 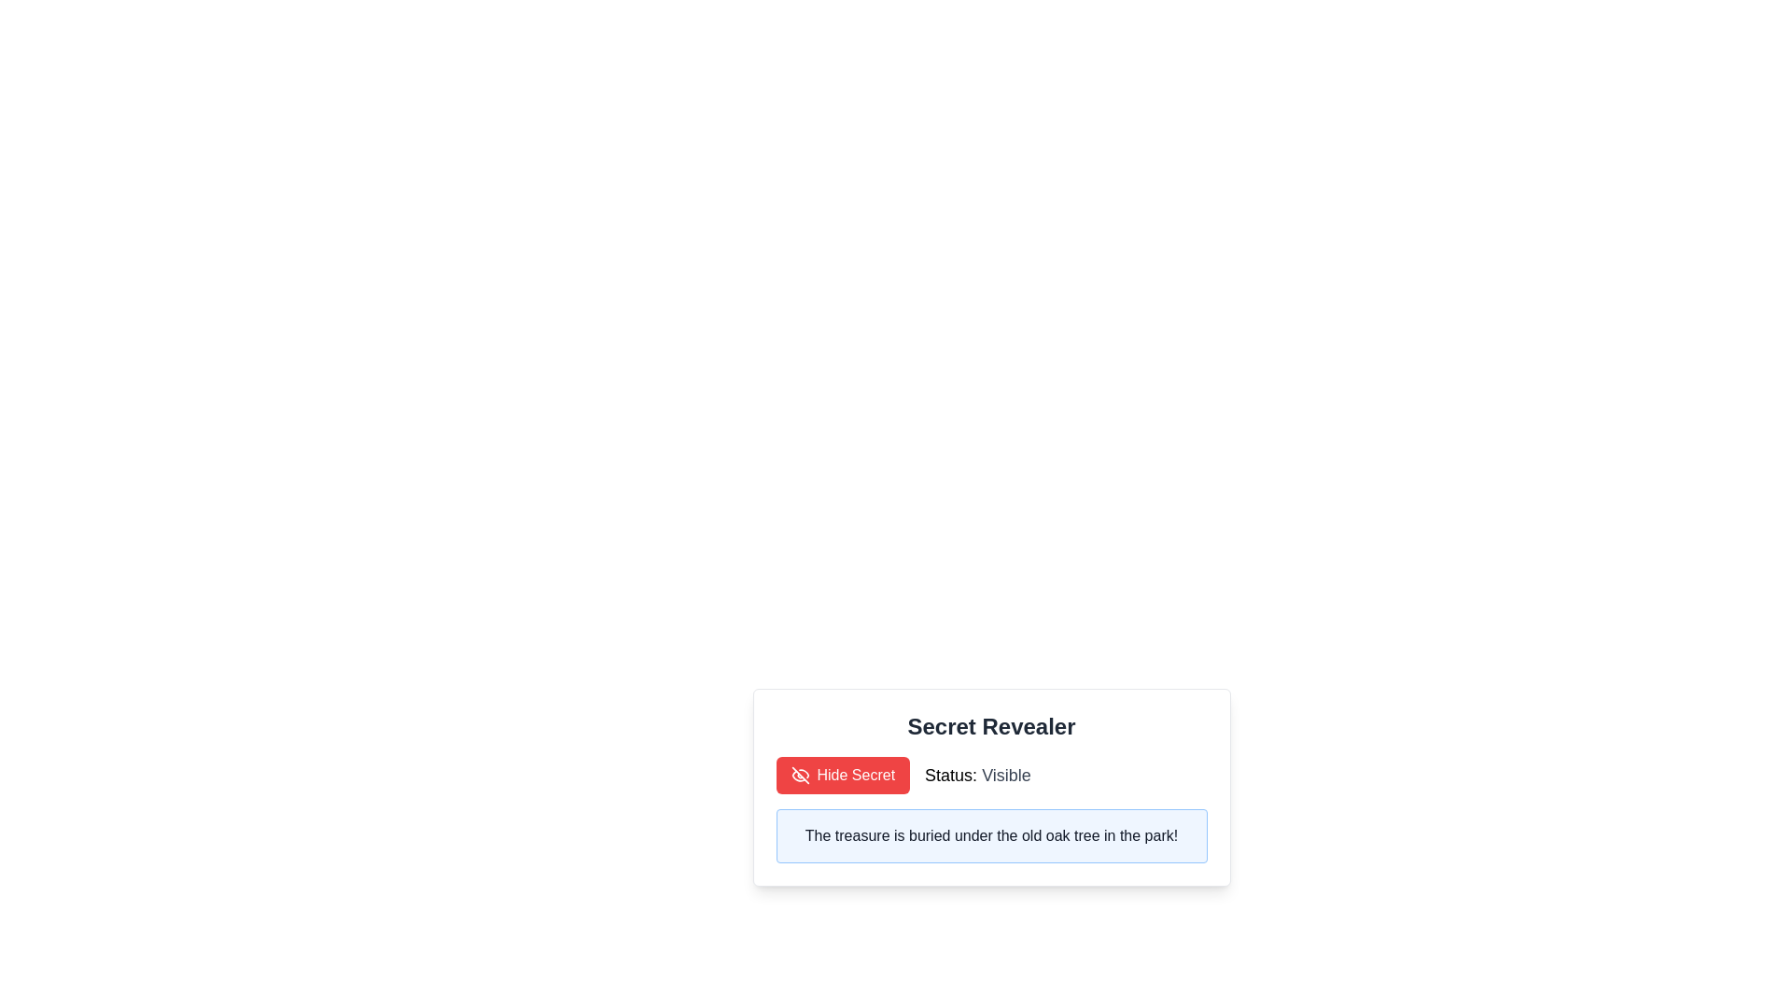 I want to click on the button located to the left of the text 'Status: Visible' to hide the secret information displayed on the interface, so click(x=842, y=775).